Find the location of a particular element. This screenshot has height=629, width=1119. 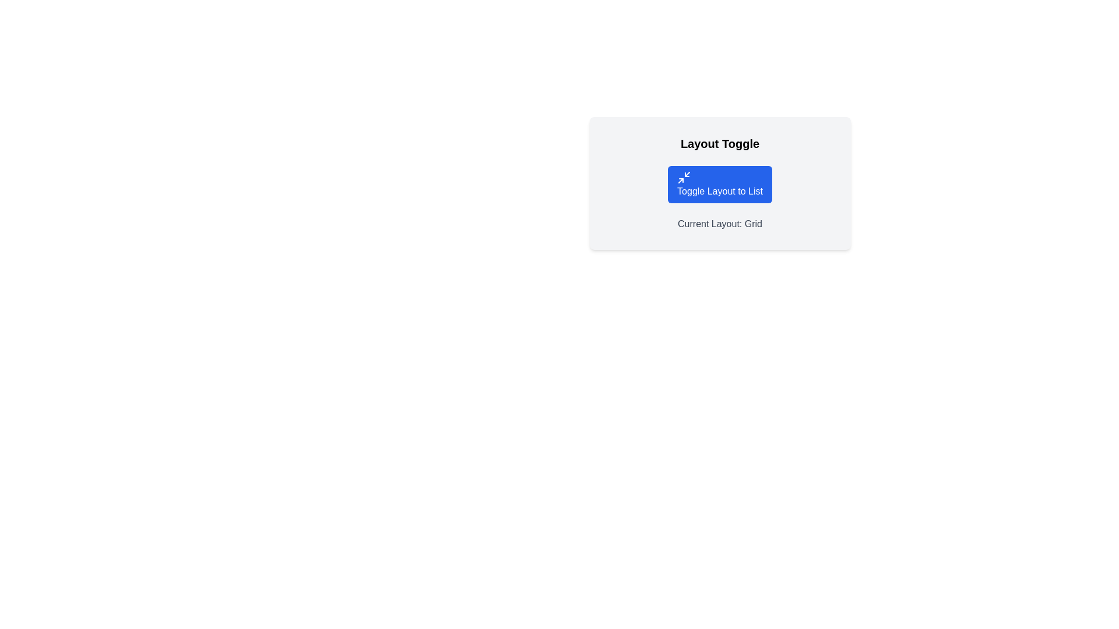

button to toggle the layout is located at coordinates (719, 183).